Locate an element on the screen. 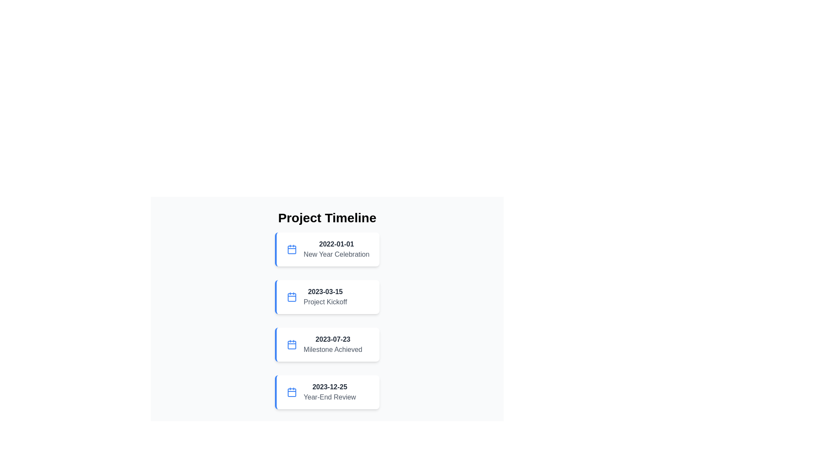  the New Year celebration text label for further reading is located at coordinates (336, 249).